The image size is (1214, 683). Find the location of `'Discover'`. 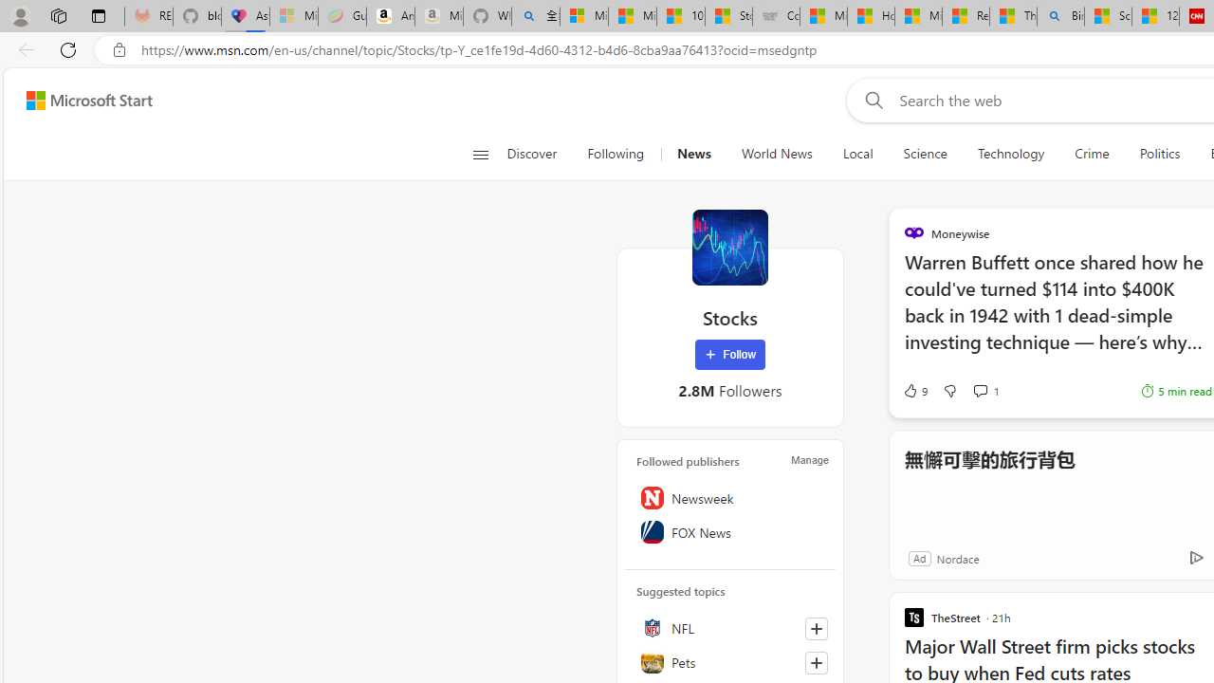

'Discover' is located at coordinates (531, 154).